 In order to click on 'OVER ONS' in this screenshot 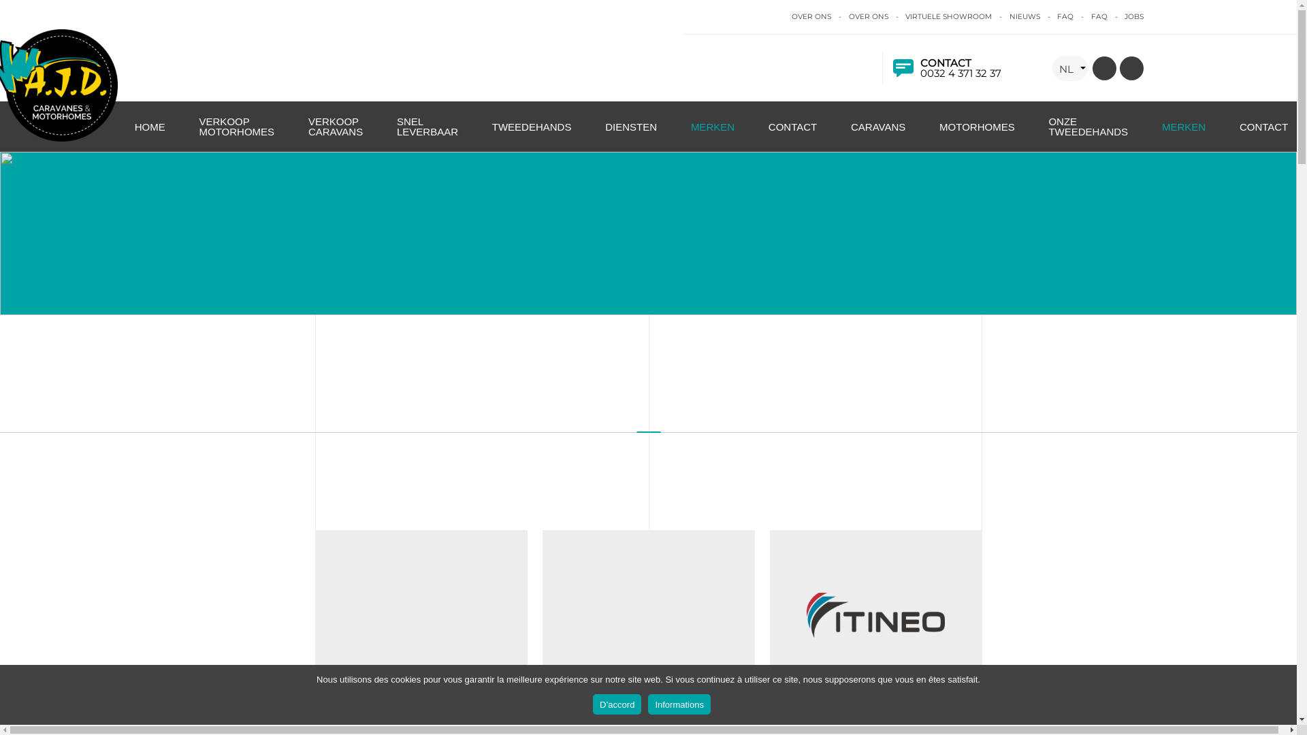, I will do `click(791, 16)`.